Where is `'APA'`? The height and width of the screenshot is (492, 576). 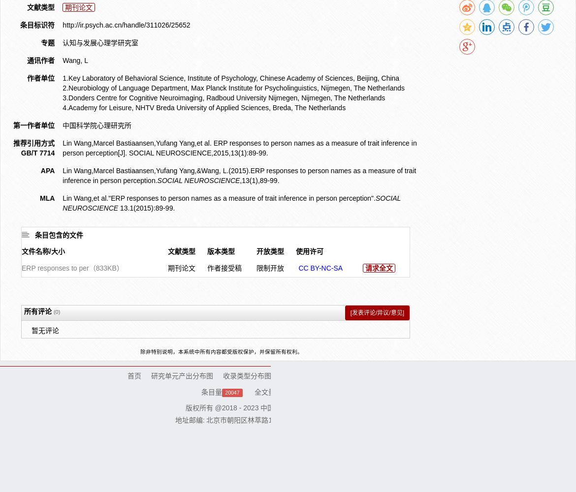
'APA' is located at coordinates (47, 170).